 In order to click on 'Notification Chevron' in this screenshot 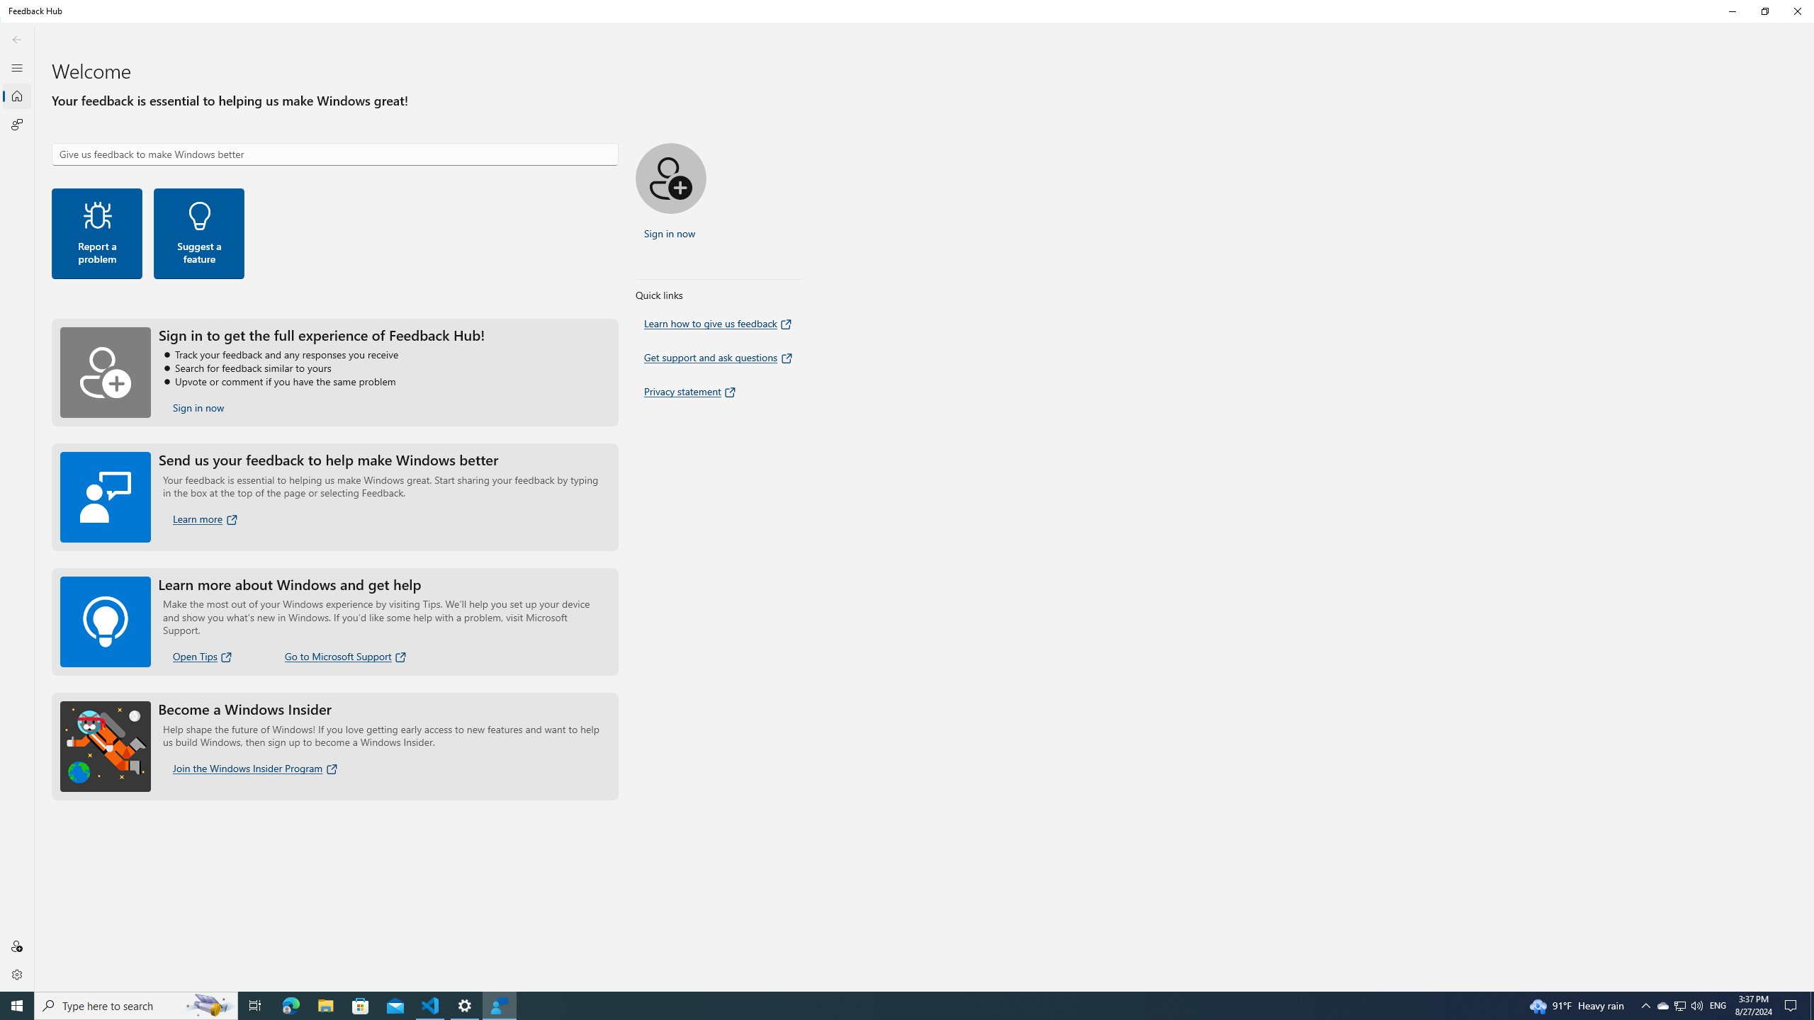, I will do `click(1646, 1004)`.